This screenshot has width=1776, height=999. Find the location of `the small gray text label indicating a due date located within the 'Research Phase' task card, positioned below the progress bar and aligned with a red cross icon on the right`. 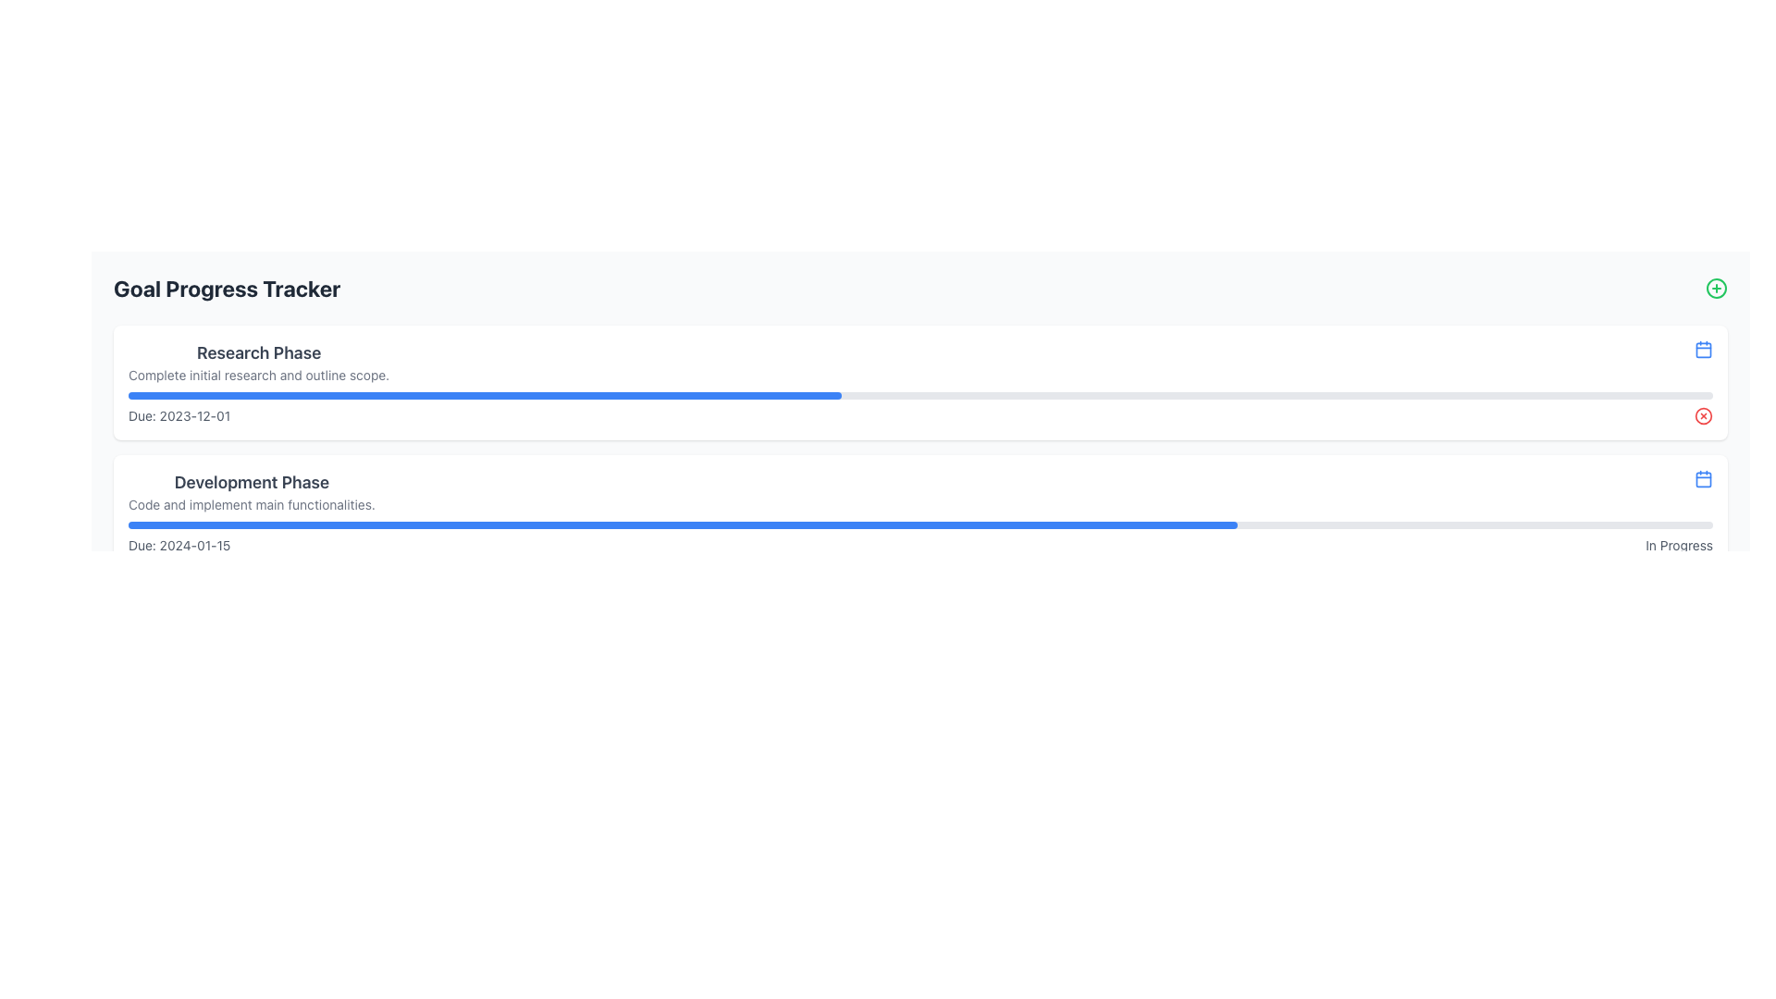

the small gray text label indicating a due date located within the 'Research Phase' task card, positioned below the progress bar and aligned with a red cross icon on the right is located at coordinates (920, 416).